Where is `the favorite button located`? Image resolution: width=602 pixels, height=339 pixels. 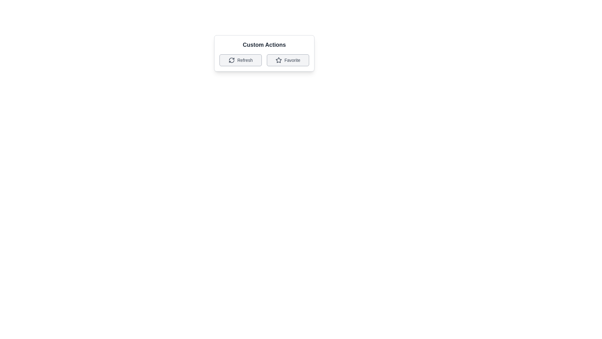 the favorite button located is located at coordinates (288, 60).